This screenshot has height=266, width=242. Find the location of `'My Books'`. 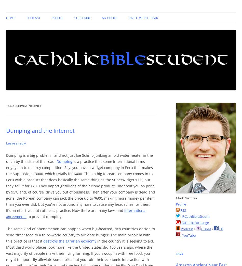

'My Books' is located at coordinates (109, 18).